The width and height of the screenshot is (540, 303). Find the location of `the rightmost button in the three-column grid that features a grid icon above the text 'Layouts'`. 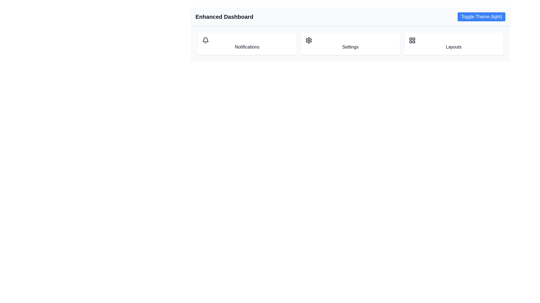

the rightmost button in the three-column grid that features a grid icon above the text 'Layouts' is located at coordinates (454, 43).